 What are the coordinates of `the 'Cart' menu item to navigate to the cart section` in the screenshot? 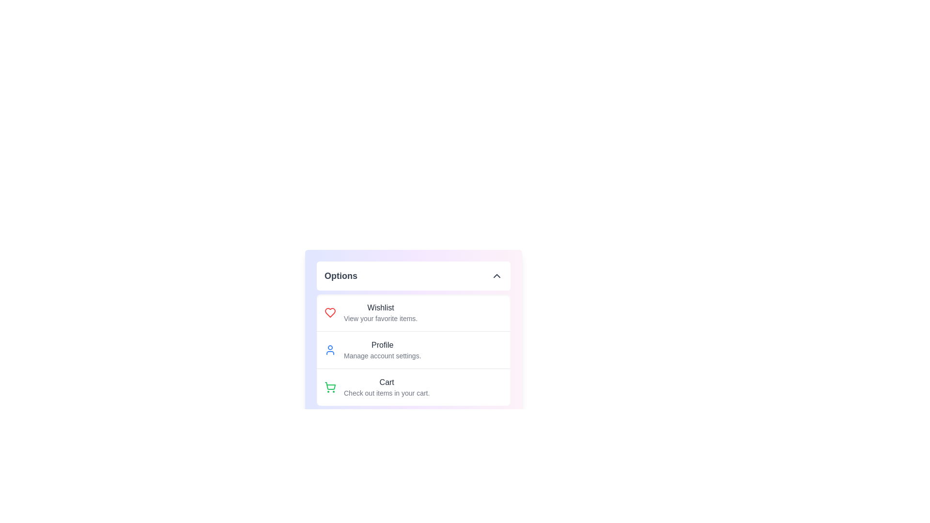 It's located at (386, 386).